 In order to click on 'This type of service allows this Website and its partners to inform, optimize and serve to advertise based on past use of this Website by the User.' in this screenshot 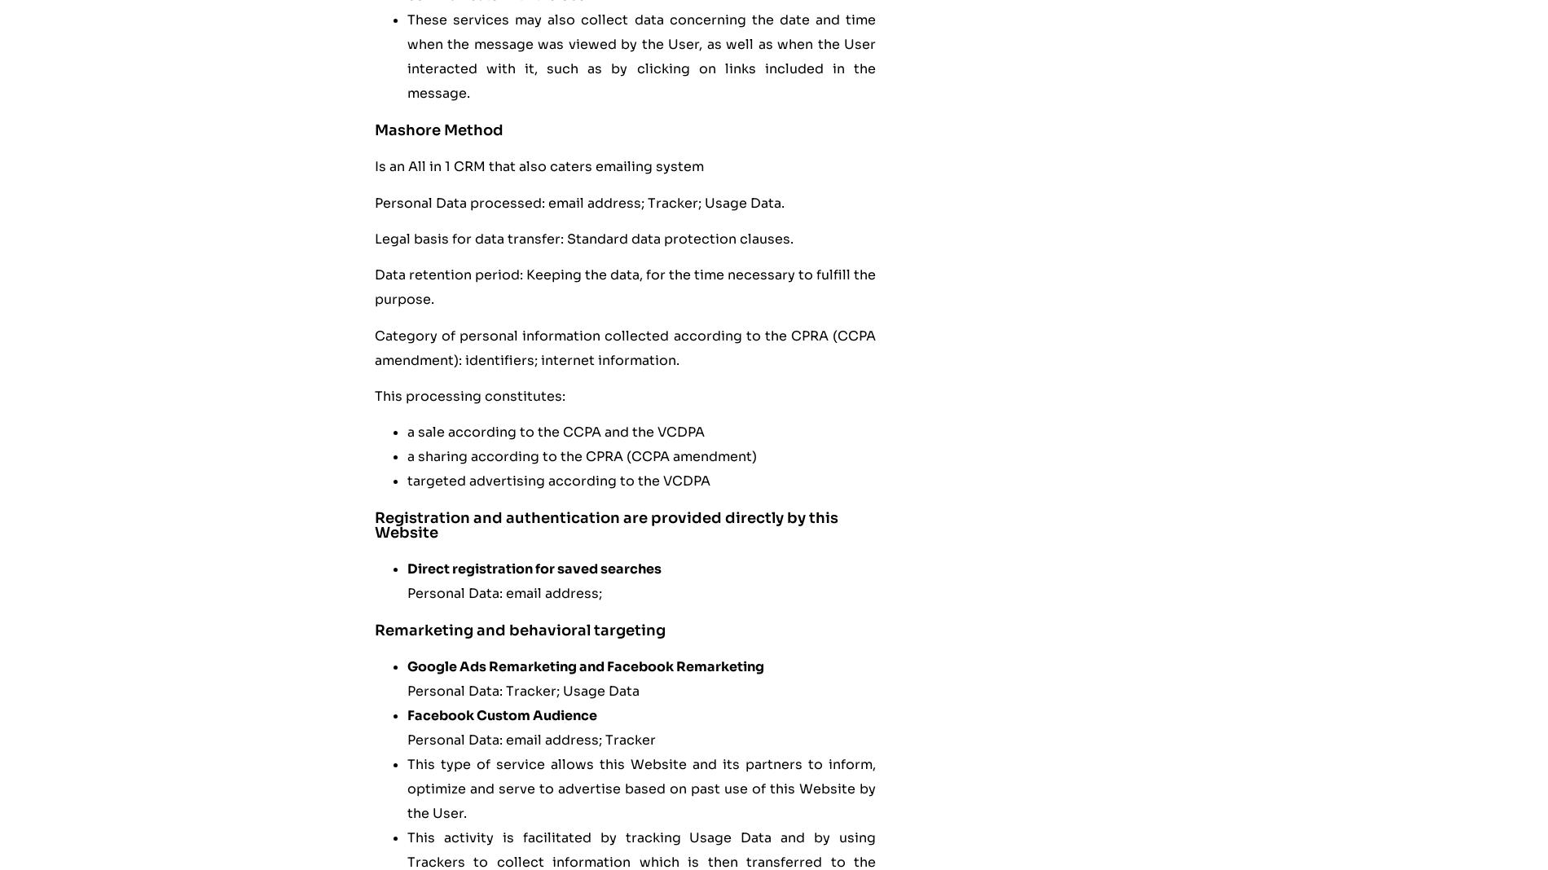, I will do `click(640, 789)`.